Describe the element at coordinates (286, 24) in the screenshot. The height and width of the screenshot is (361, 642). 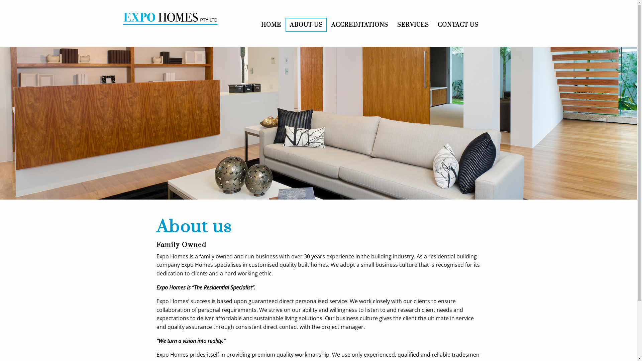
I see `'ABOUT US'` at that location.